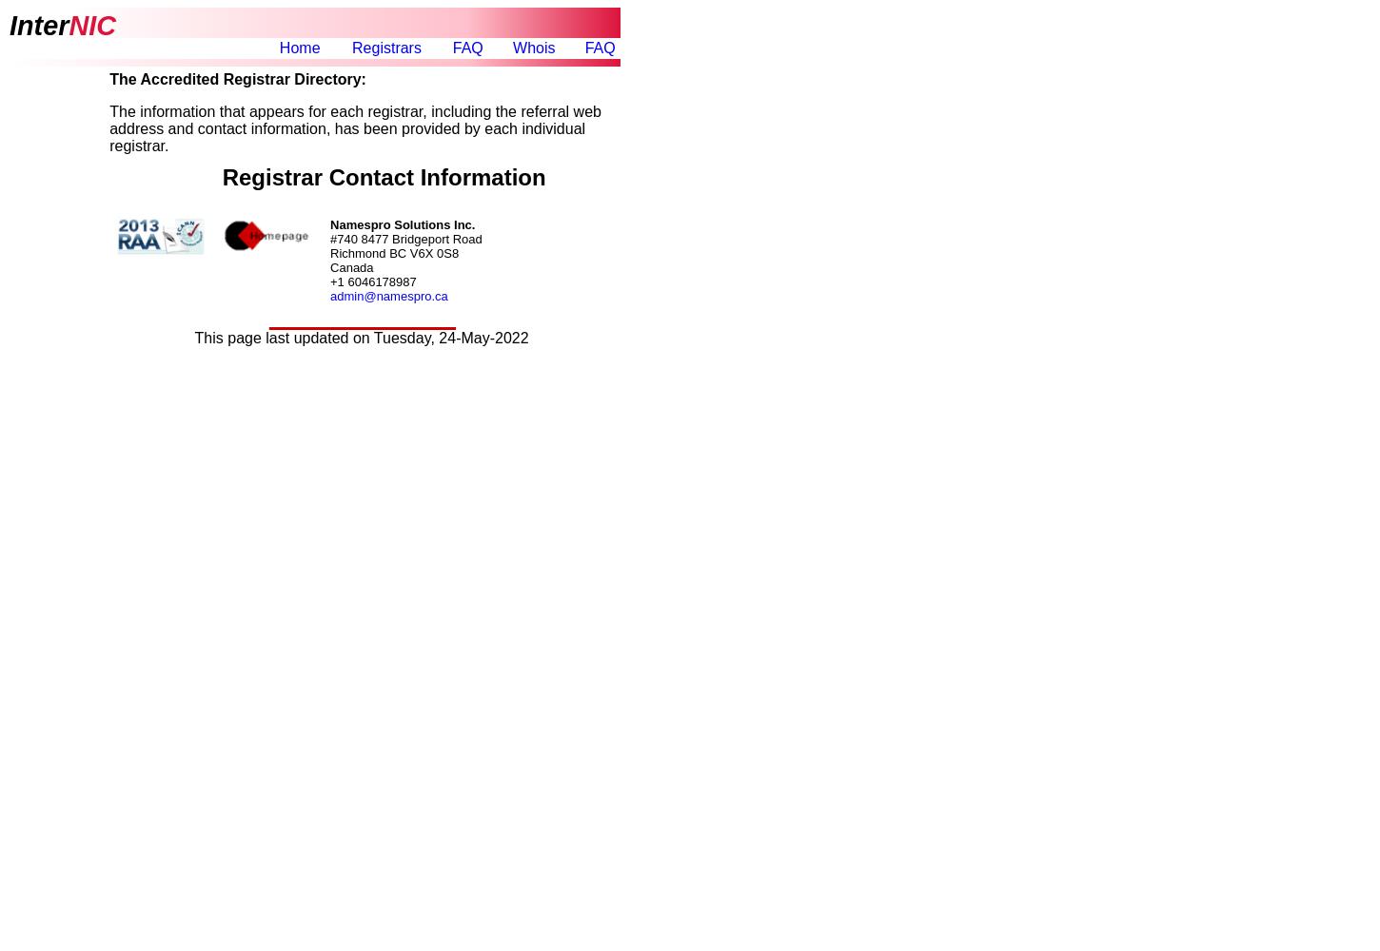 The height and width of the screenshot is (951, 1380). I want to click on 'admin@namespro.ca', so click(387, 296).